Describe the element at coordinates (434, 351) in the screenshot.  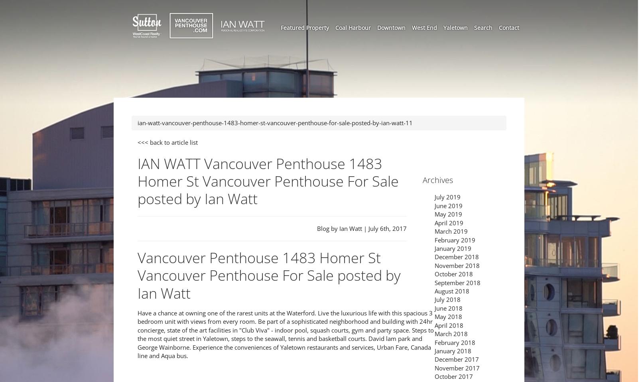
I see `'January 2018'` at that location.